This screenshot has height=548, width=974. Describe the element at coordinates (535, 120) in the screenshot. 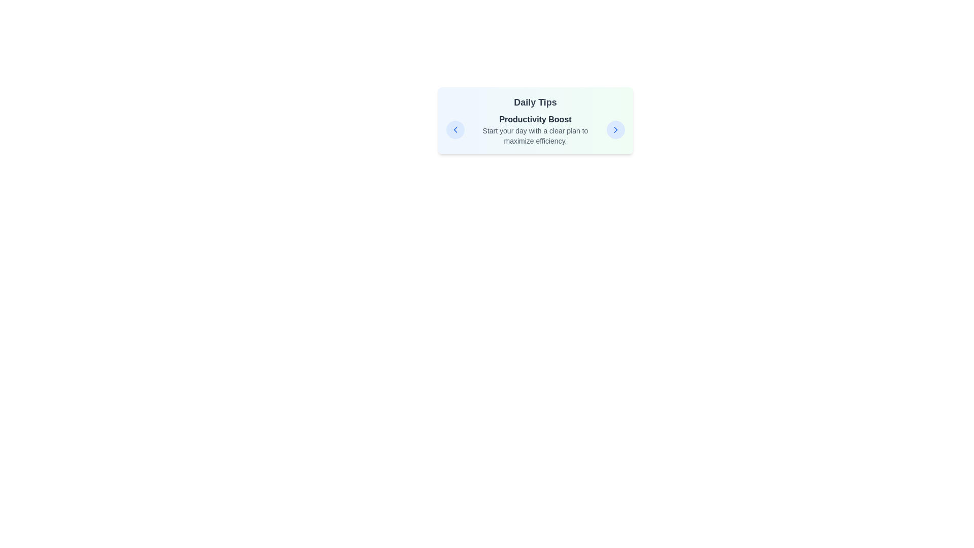

I see `the text area to focus on it for accessibility` at that location.